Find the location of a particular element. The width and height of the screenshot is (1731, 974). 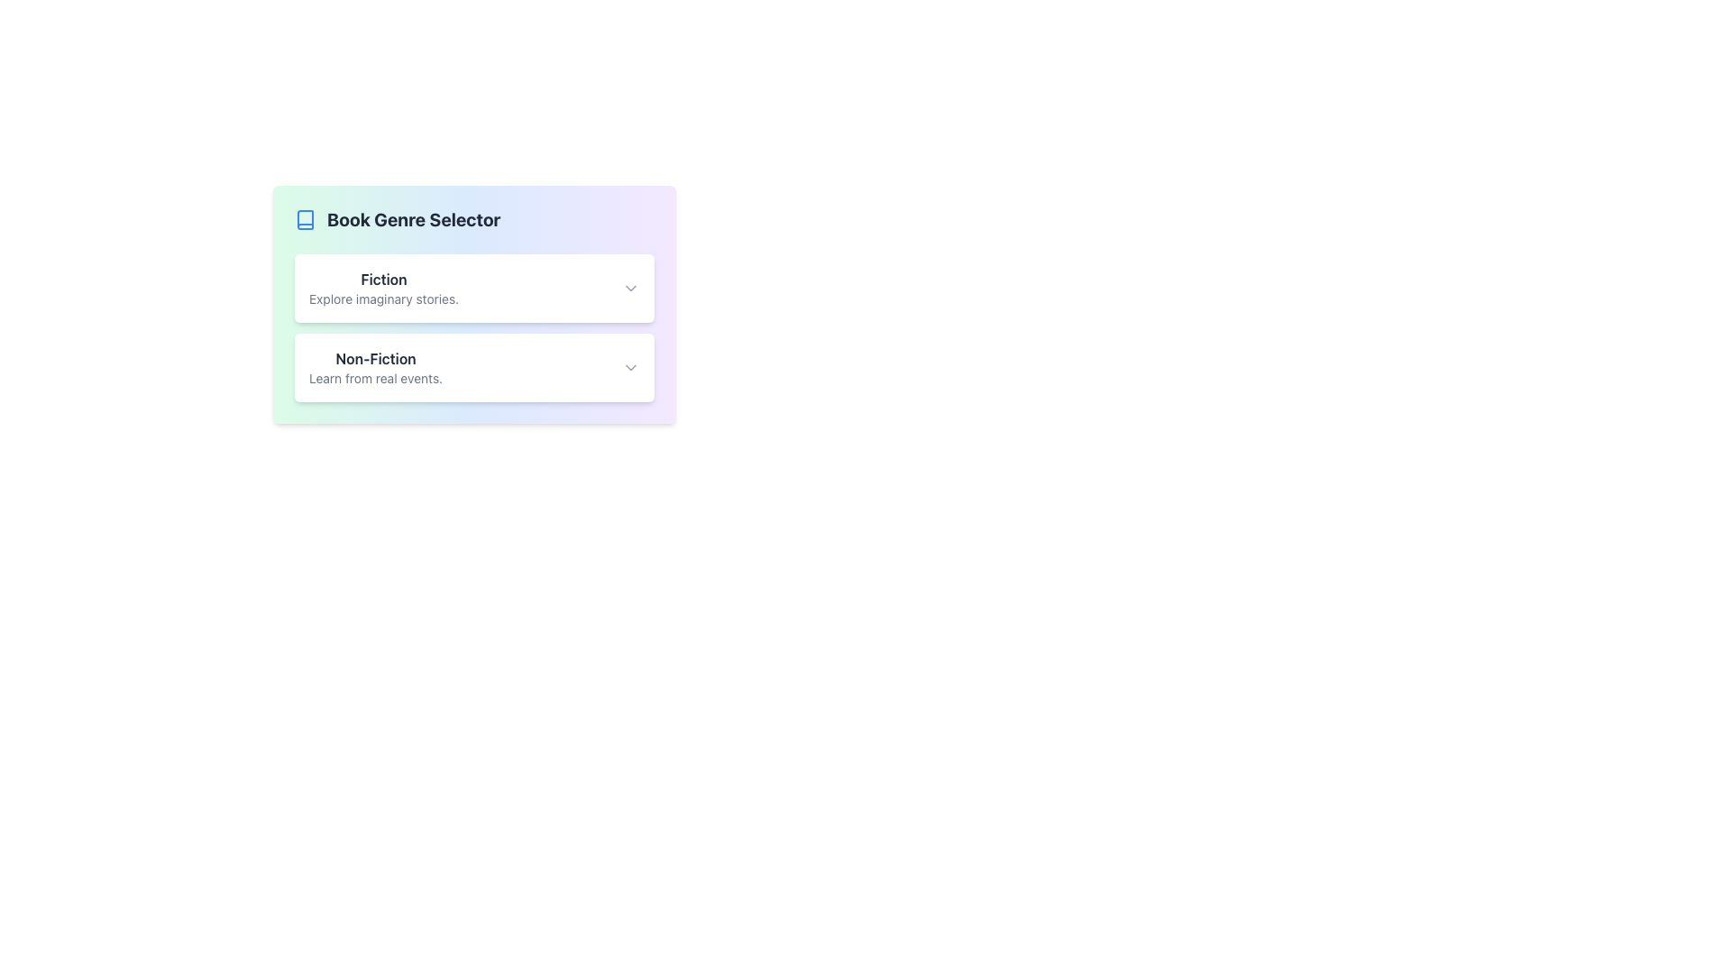

the decorative icon for the 'Book Genre Selector' section, which symbolizes books or reading material is located at coordinates (306, 218).